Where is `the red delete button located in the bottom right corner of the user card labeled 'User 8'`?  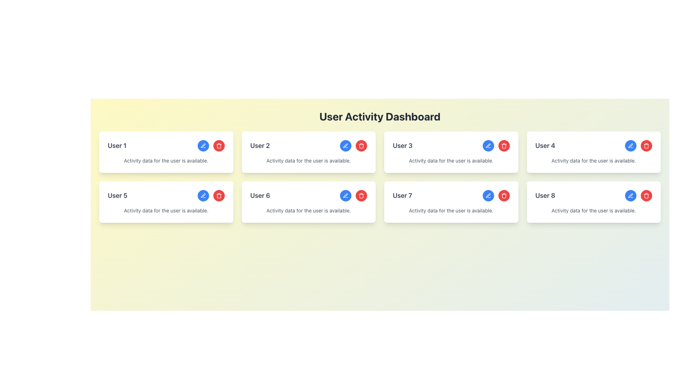 the red delete button located in the bottom right corner of the user card labeled 'User 8' is located at coordinates (639, 195).